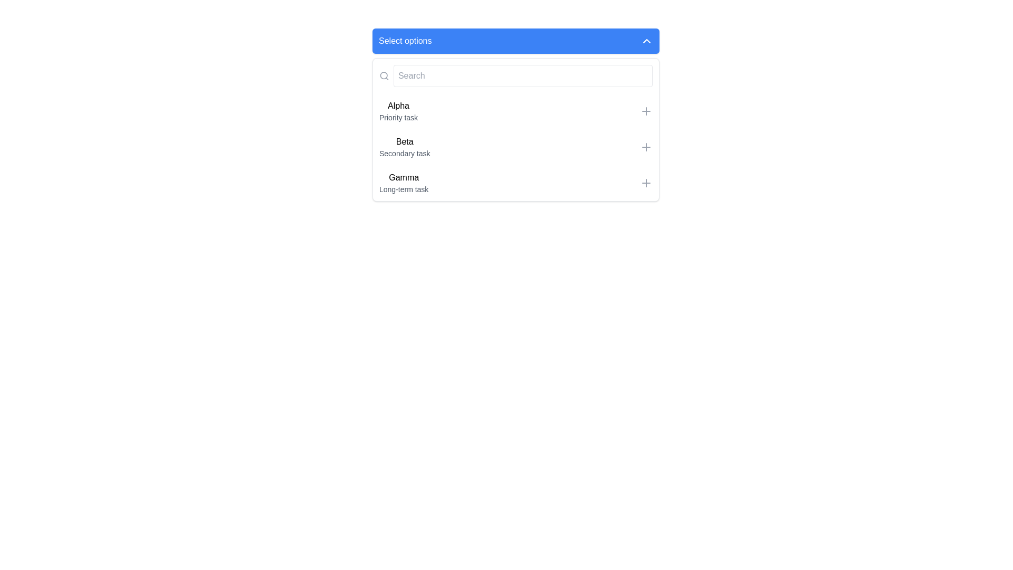  I want to click on the 'Secondary task' text label located below the 'Beta' label in the dropdown menu, so click(404, 153).